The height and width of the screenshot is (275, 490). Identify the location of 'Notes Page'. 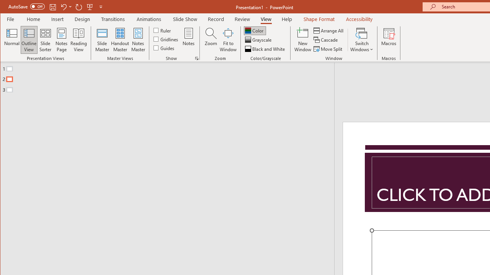
(61, 40).